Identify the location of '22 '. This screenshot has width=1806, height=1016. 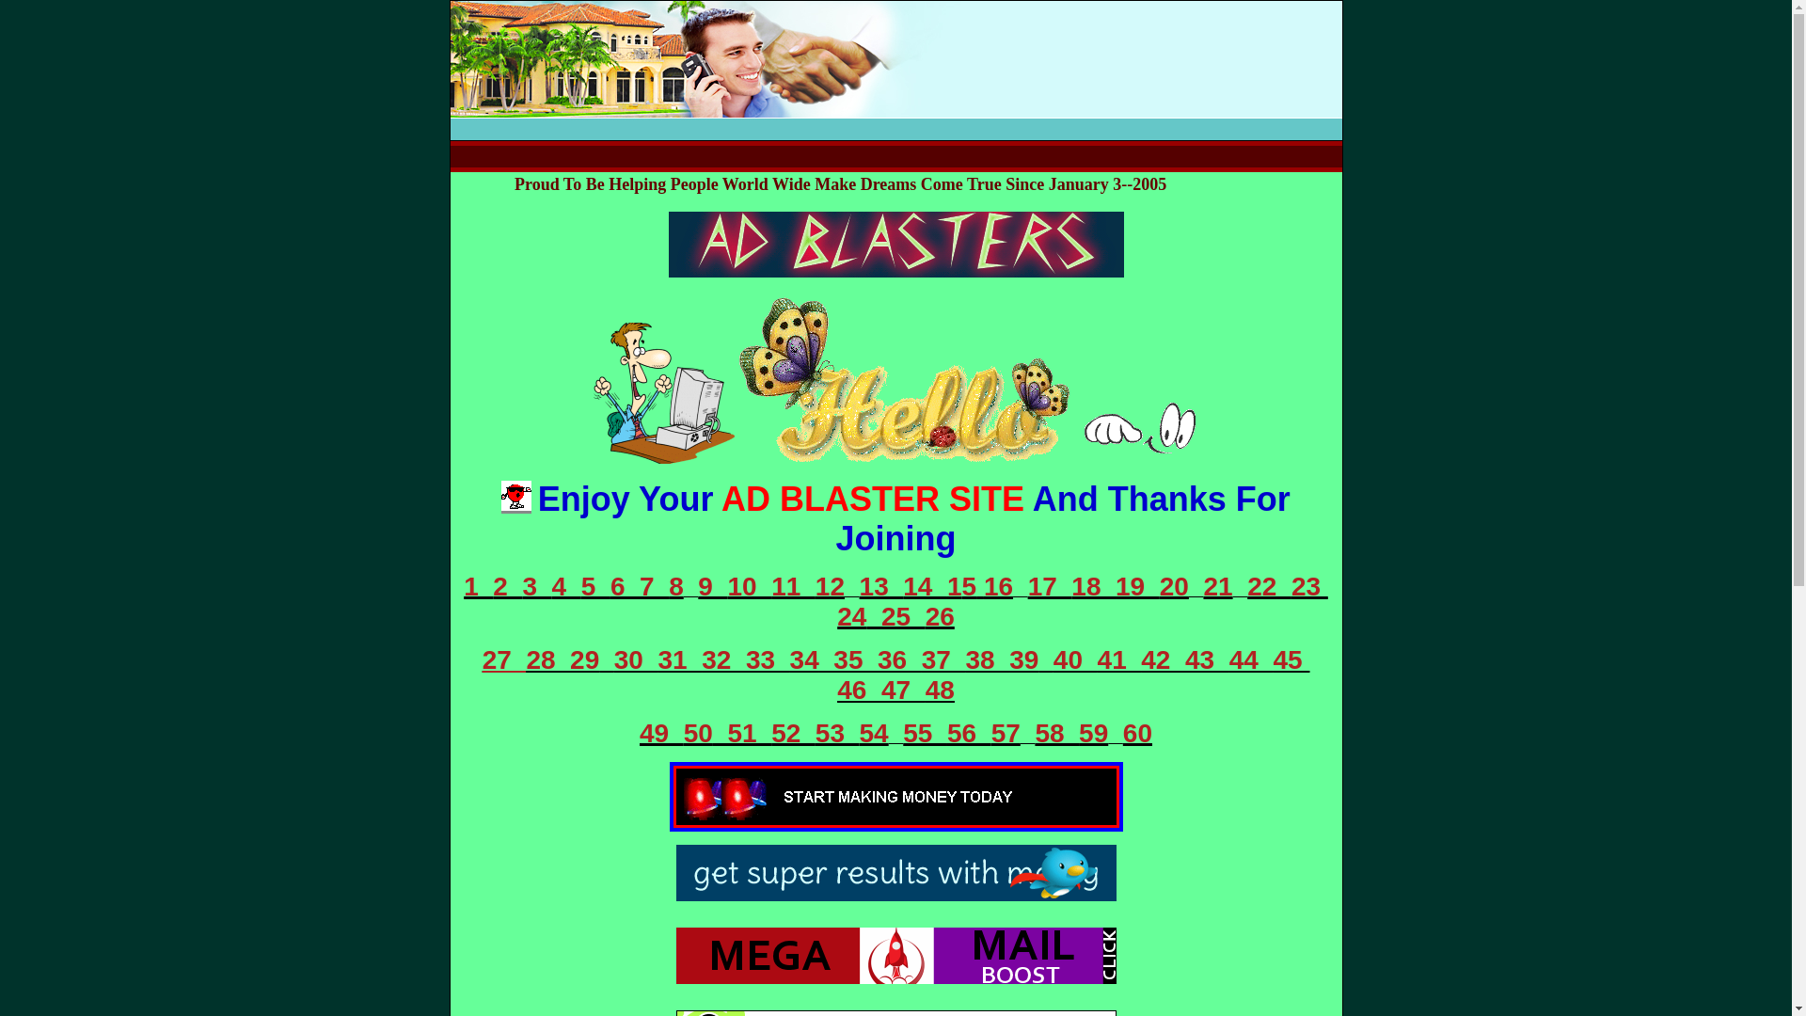
(1269, 585).